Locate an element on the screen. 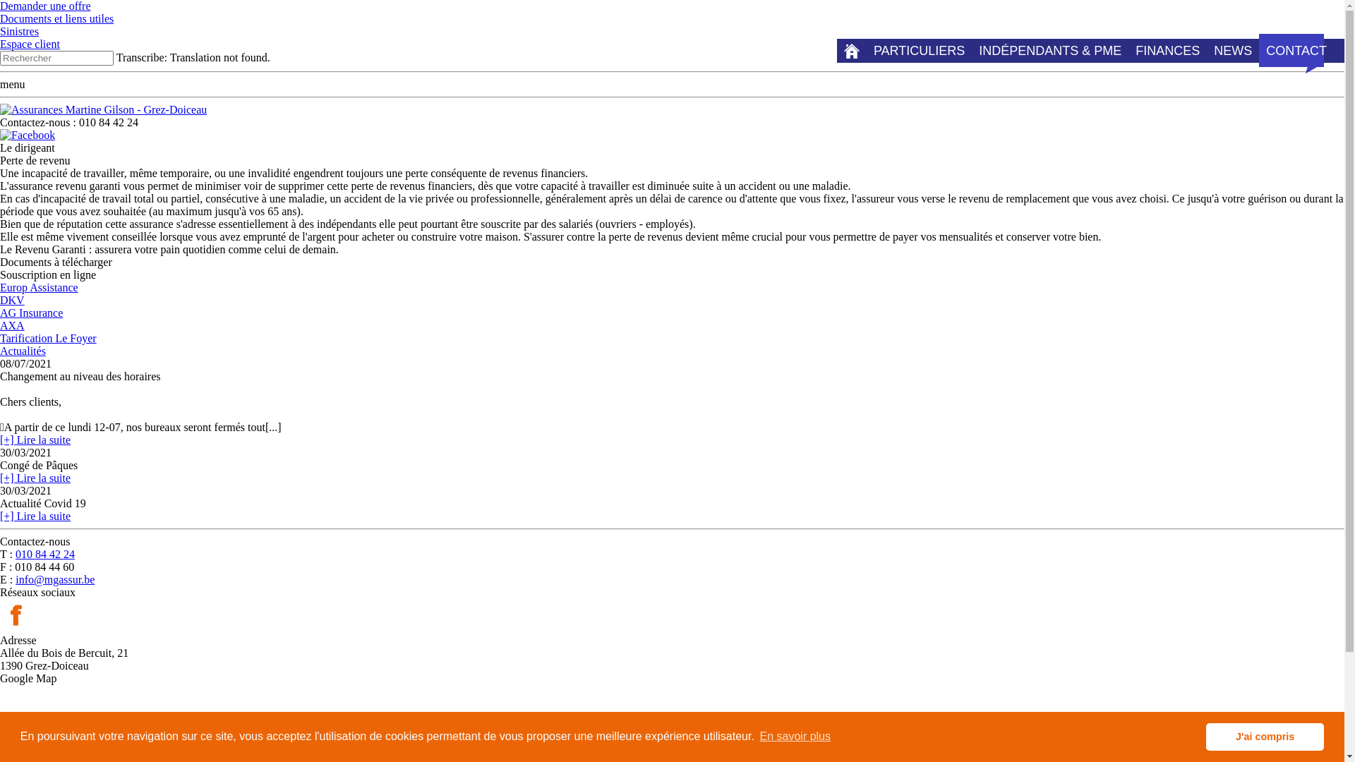 This screenshot has width=1355, height=762. 'Sinistres' is located at coordinates (19, 31).